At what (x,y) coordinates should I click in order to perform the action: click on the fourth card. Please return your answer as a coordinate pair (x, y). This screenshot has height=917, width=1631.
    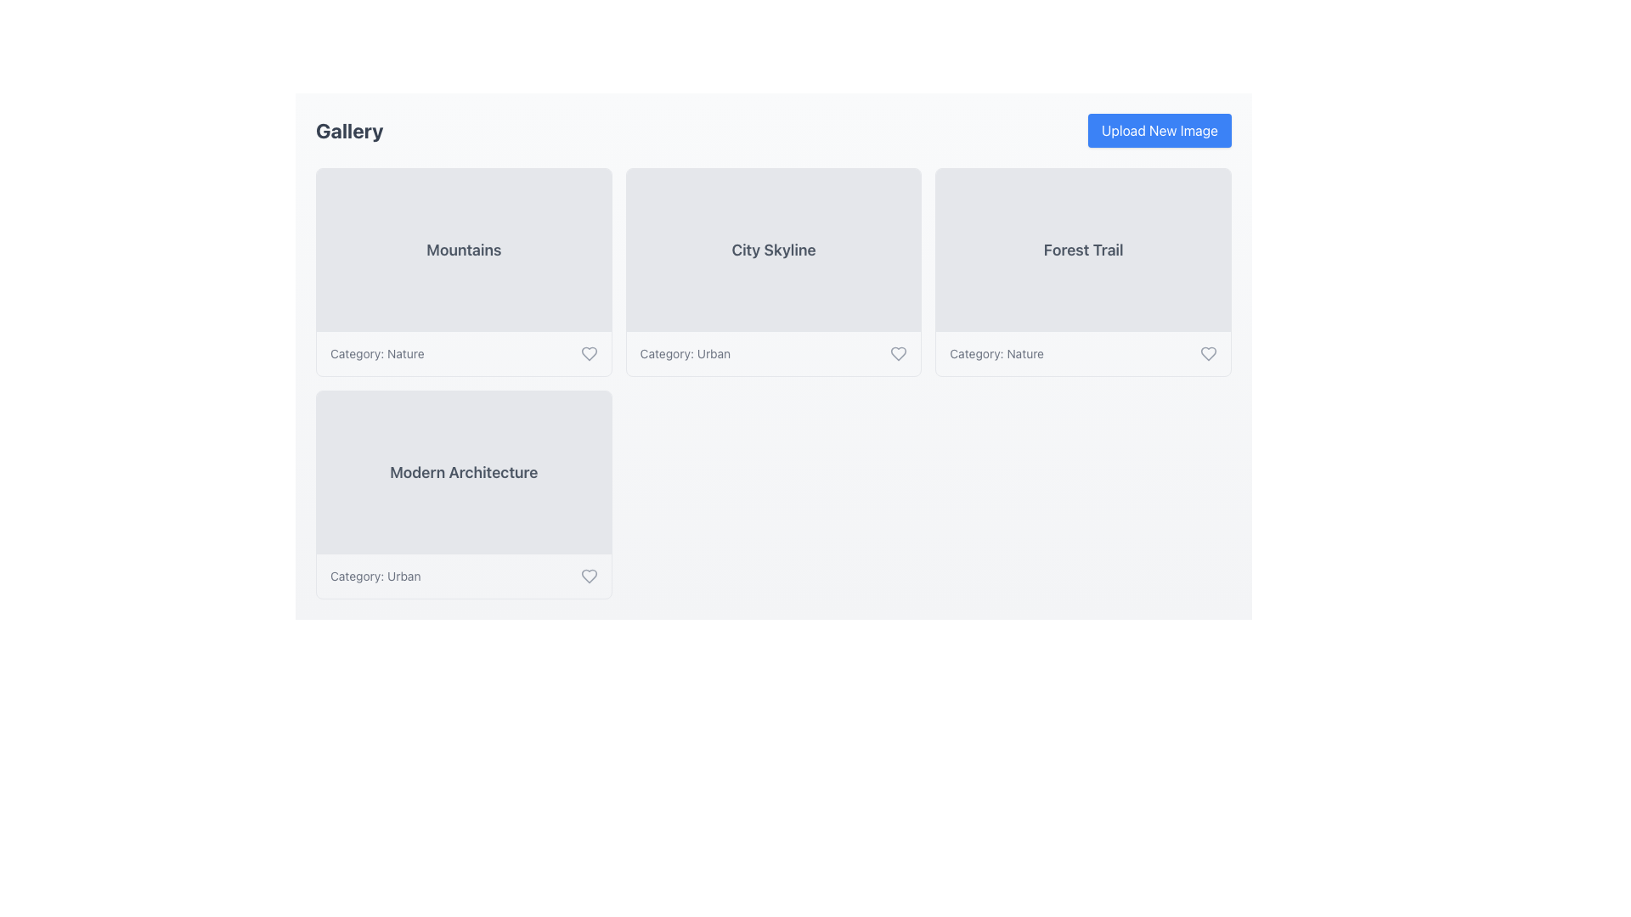
    Looking at the image, I should click on (464, 494).